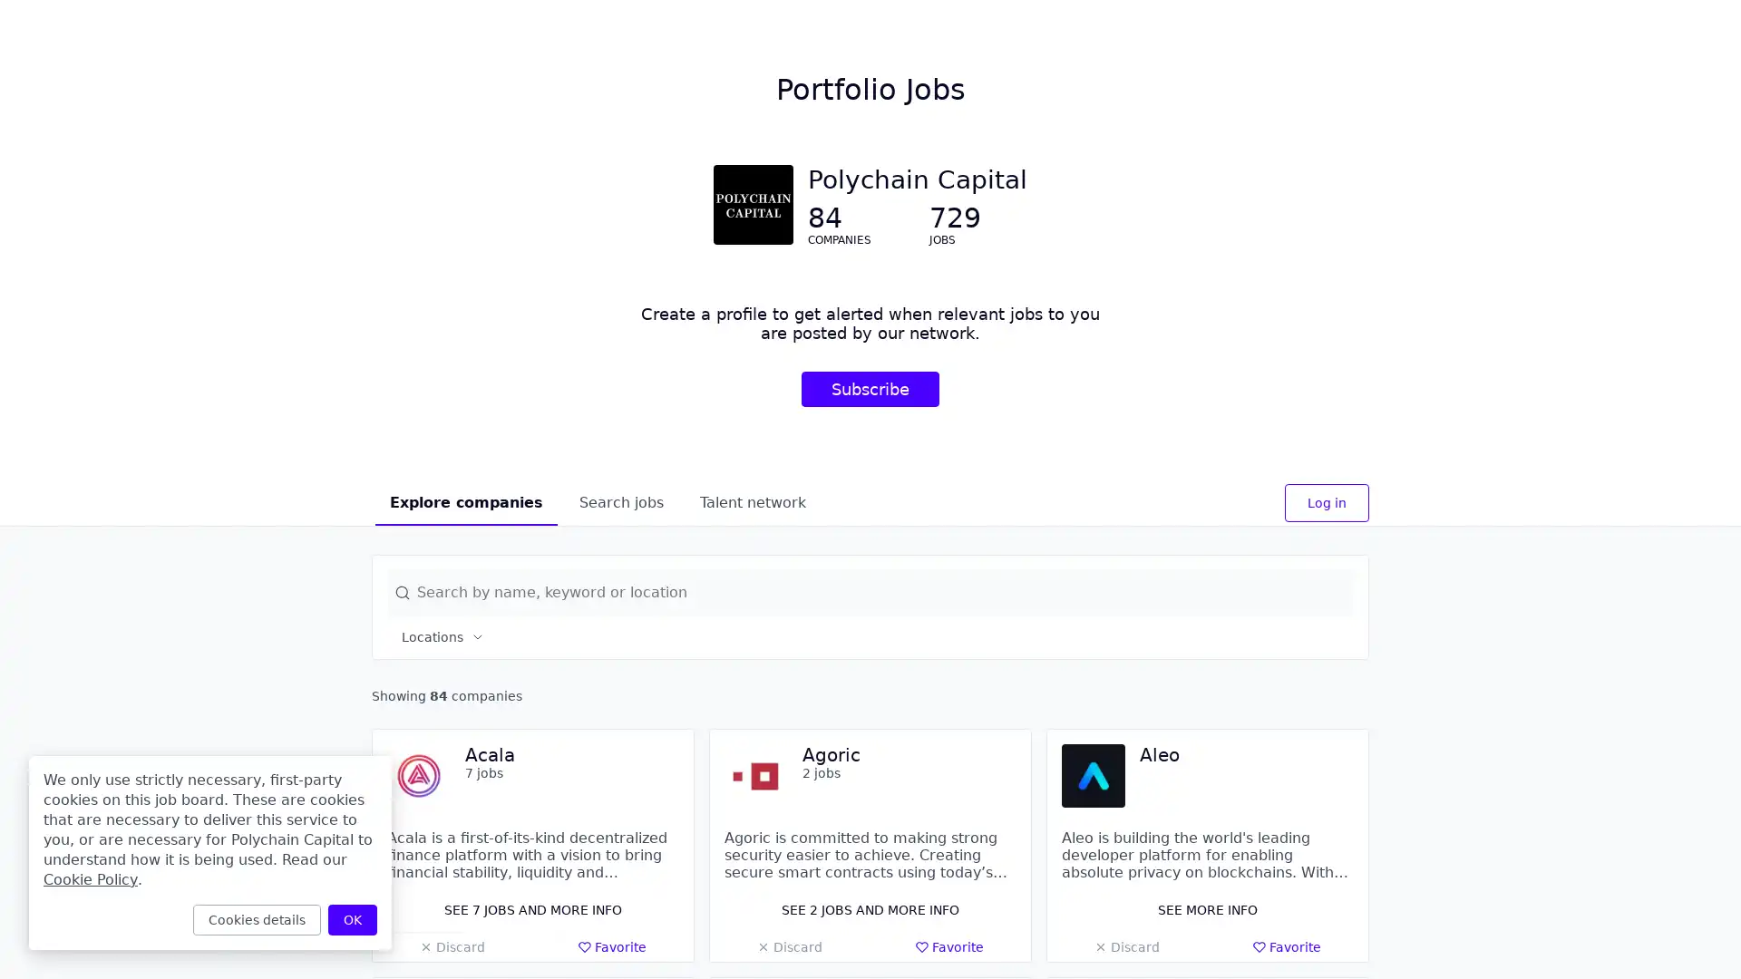 Image resolution: width=1741 pixels, height=979 pixels. What do you see at coordinates (948, 946) in the screenshot?
I see `Favorite` at bounding box center [948, 946].